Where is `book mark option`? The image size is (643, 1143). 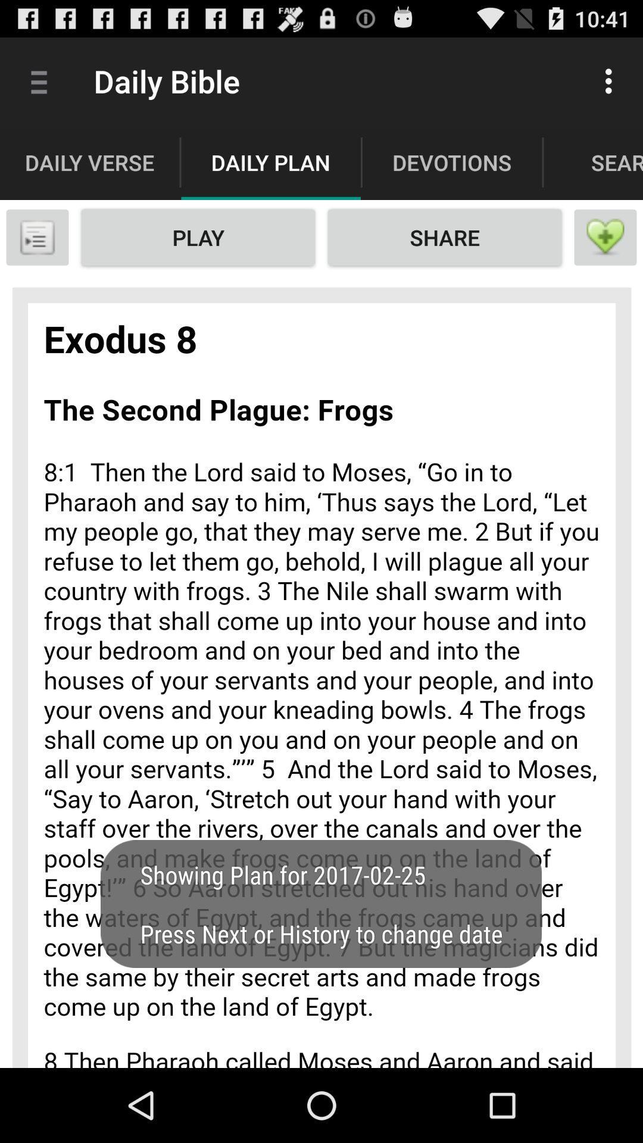
book mark option is located at coordinates (36, 237).